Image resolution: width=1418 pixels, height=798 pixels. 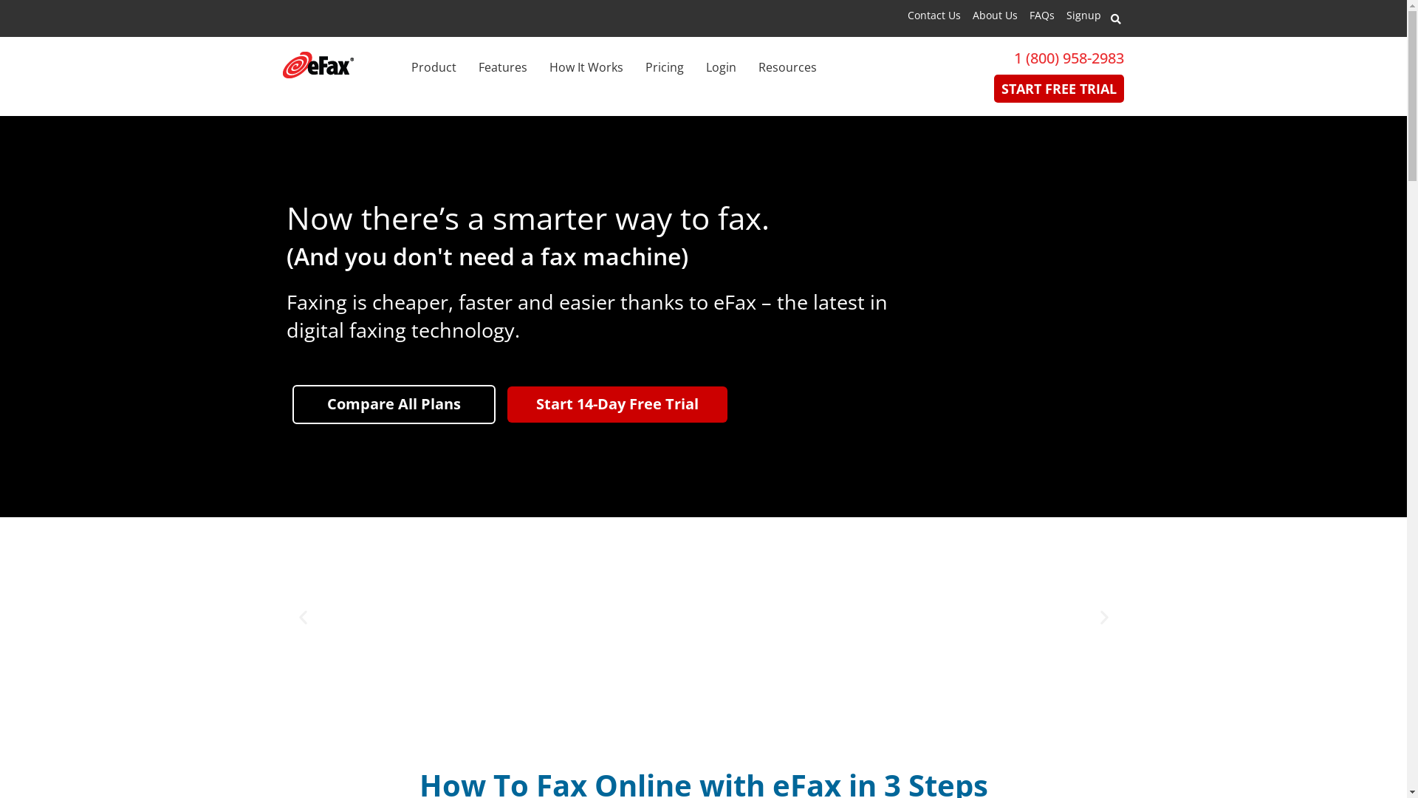 What do you see at coordinates (617, 404) in the screenshot?
I see `'Start 14-Day Free Trial'` at bounding box center [617, 404].